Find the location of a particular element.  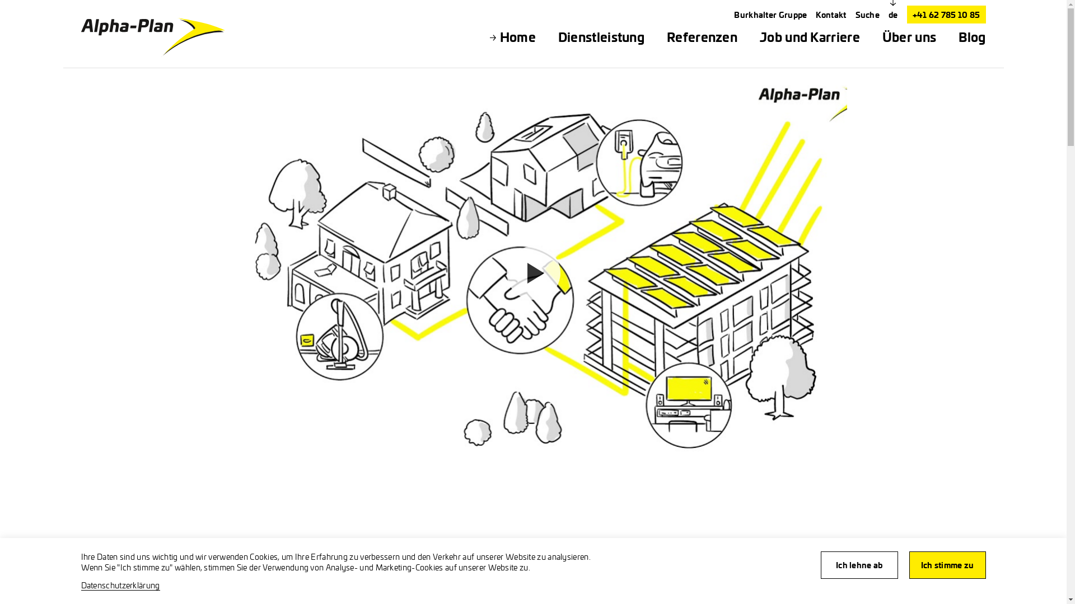

'Blog' is located at coordinates (971, 36).